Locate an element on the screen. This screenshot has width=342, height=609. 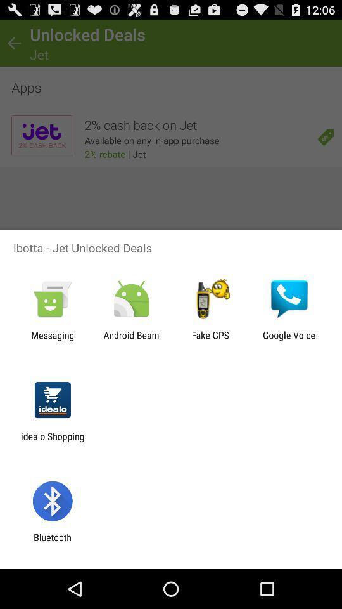
icon next to the messaging item is located at coordinates (130, 340).